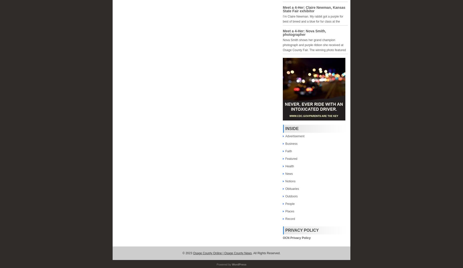  Describe the element at coordinates (291, 159) in the screenshot. I see `'Featured'` at that location.